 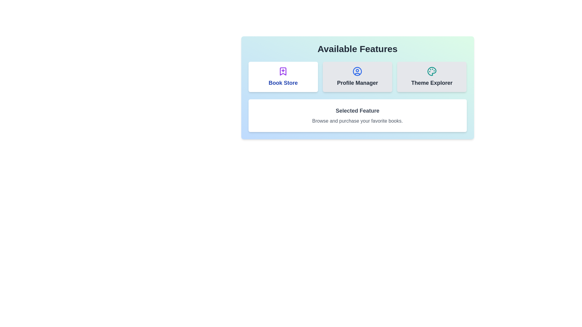 What do you see at coordinates (283, 83) in the screenshot?
I see `text of the 'Book Store' label which is styled in bold and large font, deep blue in color, and positioned below a bookmark icon in the 'Available Features' section` at bounding box center [283, 83].